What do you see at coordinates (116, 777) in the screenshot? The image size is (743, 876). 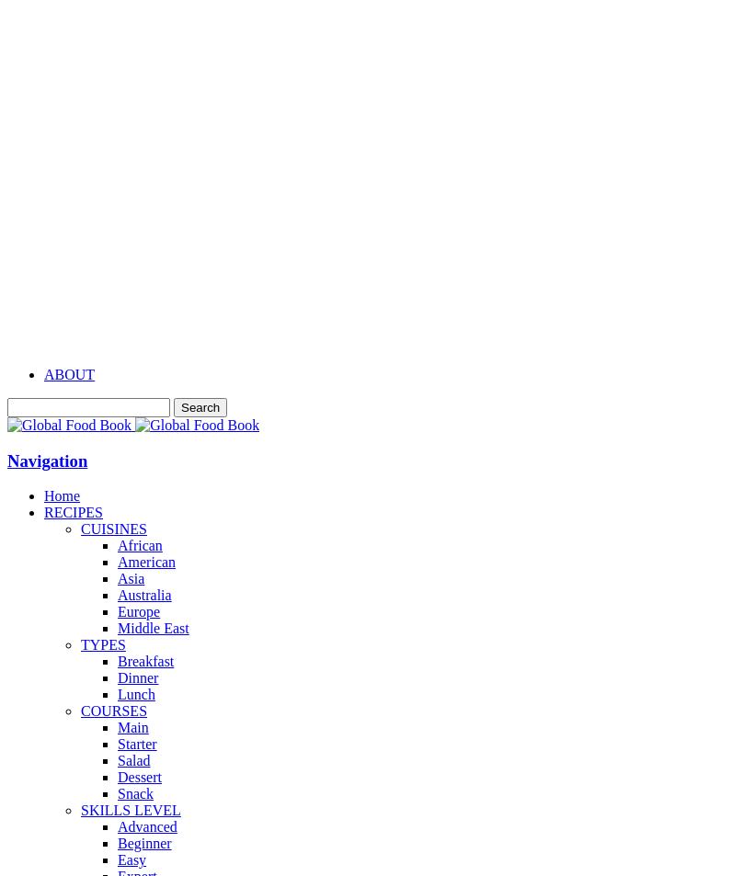 I see `'Dessert'` at bounding box center [116, 777].